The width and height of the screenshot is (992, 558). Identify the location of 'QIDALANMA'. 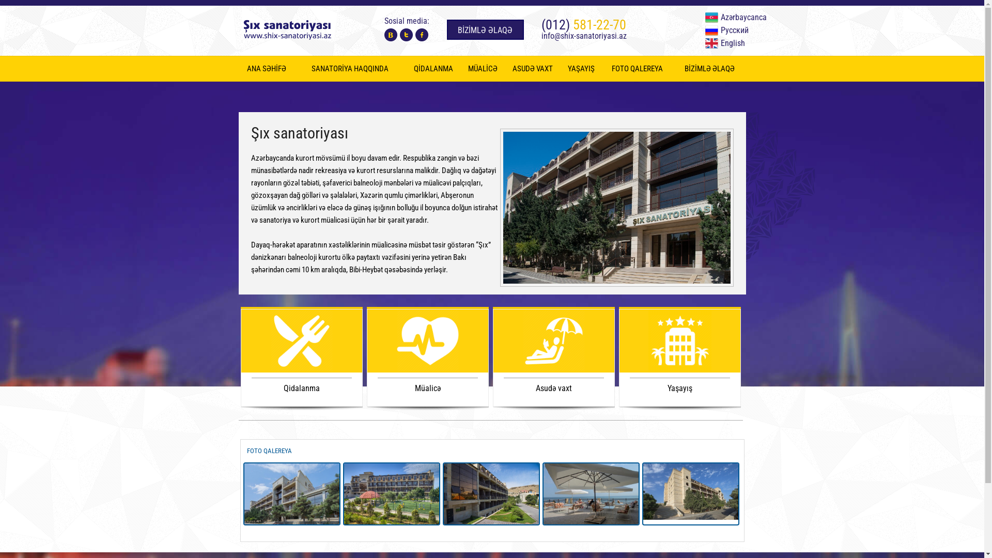
(433, 68).